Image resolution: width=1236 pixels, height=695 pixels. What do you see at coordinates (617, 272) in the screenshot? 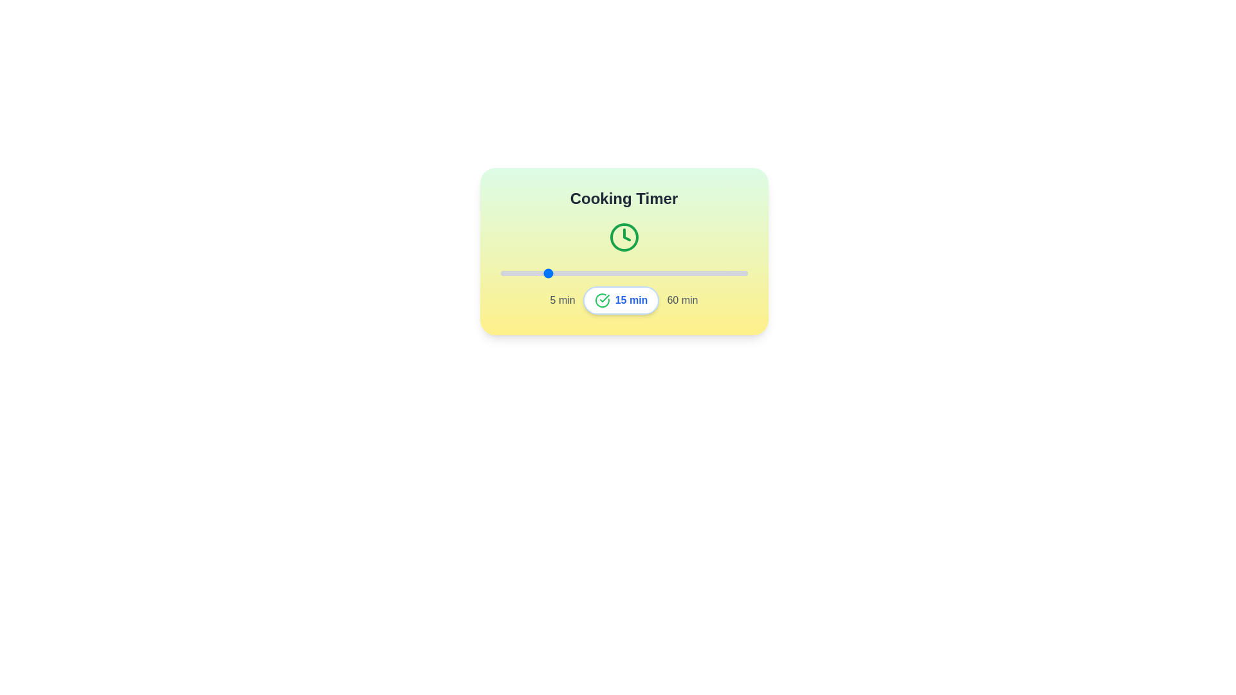
I see `cooking timer` at bounding box center [617, 272].